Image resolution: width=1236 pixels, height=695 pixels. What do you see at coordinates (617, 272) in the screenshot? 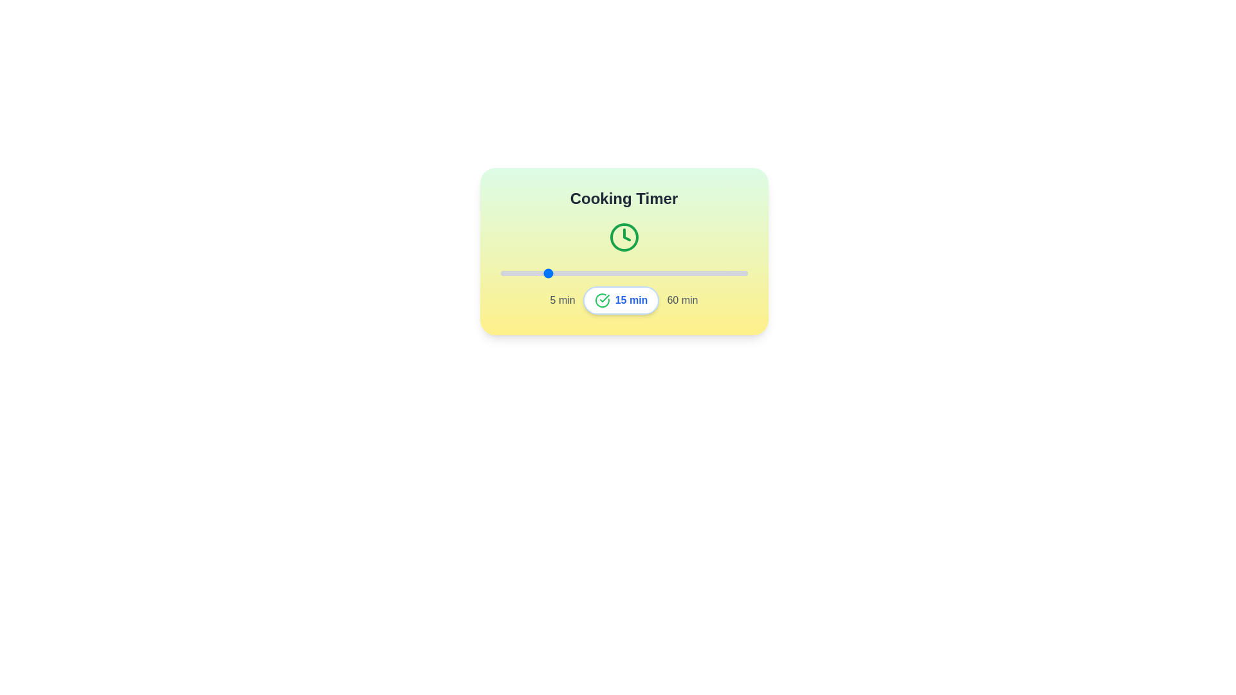
I see `cooking timer` at bounding box center [617, 272].